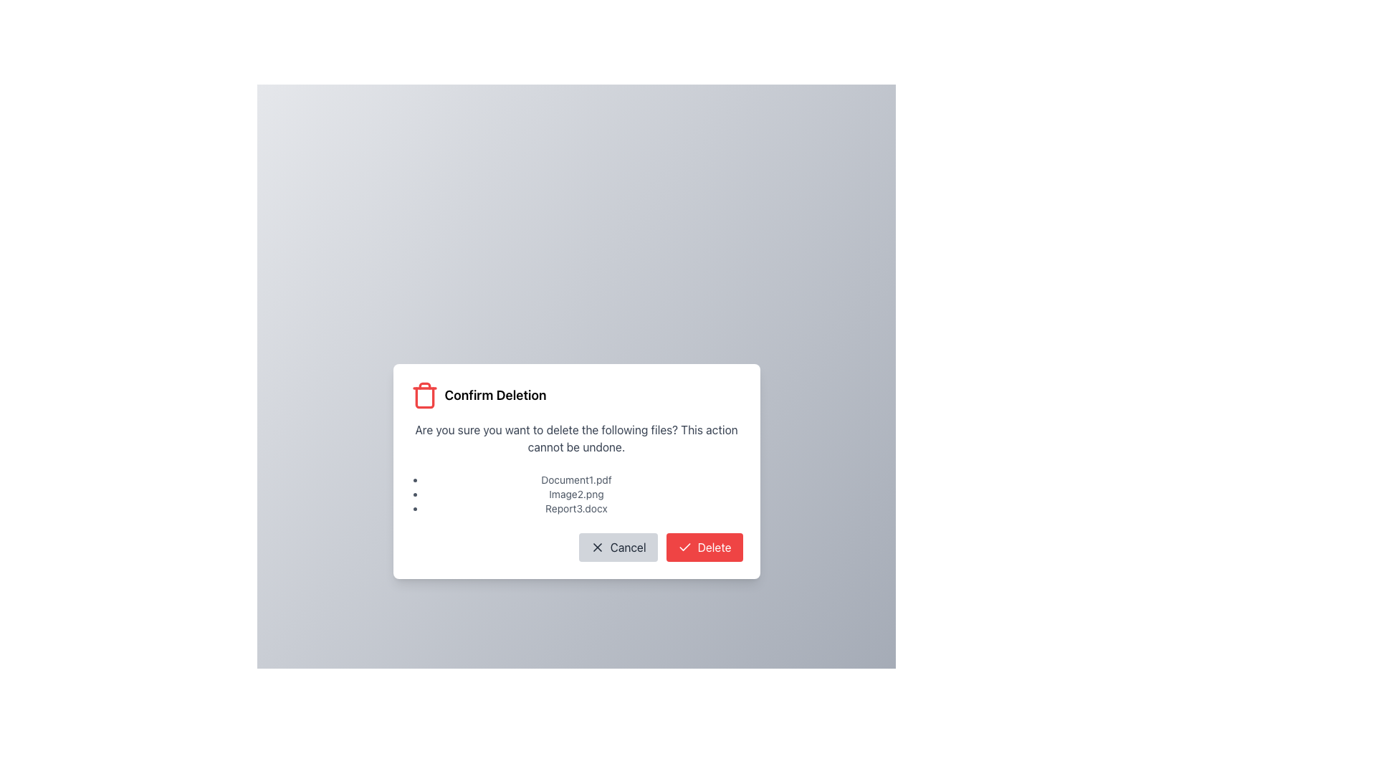  I want to click on the icon located on the left side of the modal dialog box titled 'Confirm Deletion', which serves as a visual indicator for status or feedback, so click(684, 547).